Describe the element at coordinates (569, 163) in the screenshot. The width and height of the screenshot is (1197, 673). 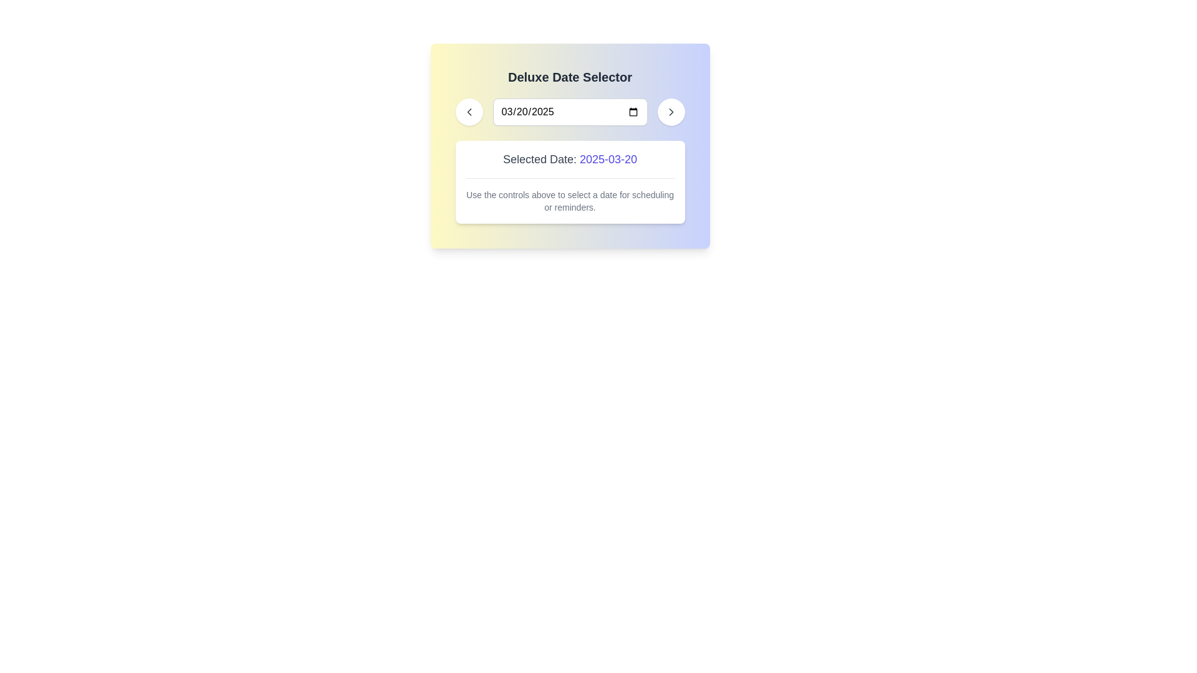
I see `displayed date from the static text element that shows 'Selected Date: 2025-03-20', which is centrally located above the descriptive text and below the date selector` at that location.